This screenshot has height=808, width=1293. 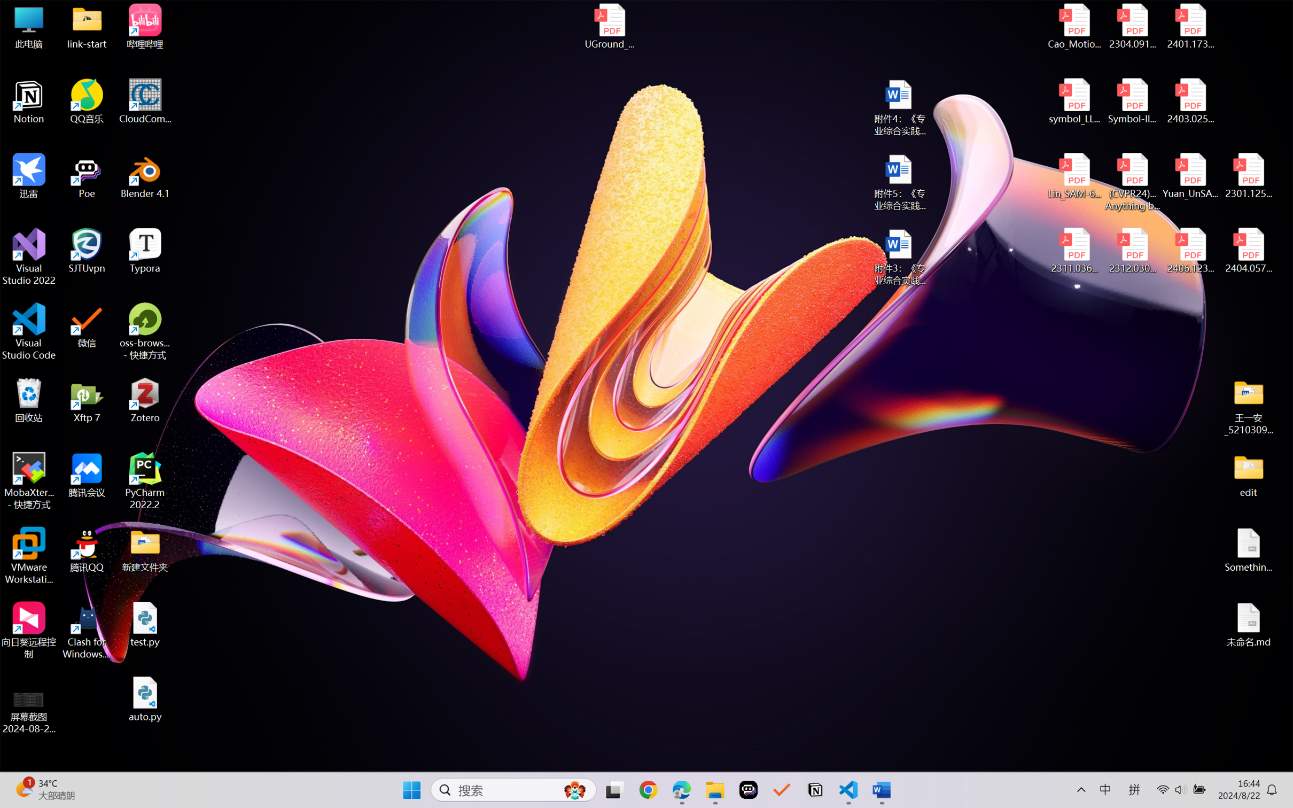 What do you see at coordinates (648, 790) in the screenshot?
I see `'Google Chrome'` at bounding box center [648, 790].